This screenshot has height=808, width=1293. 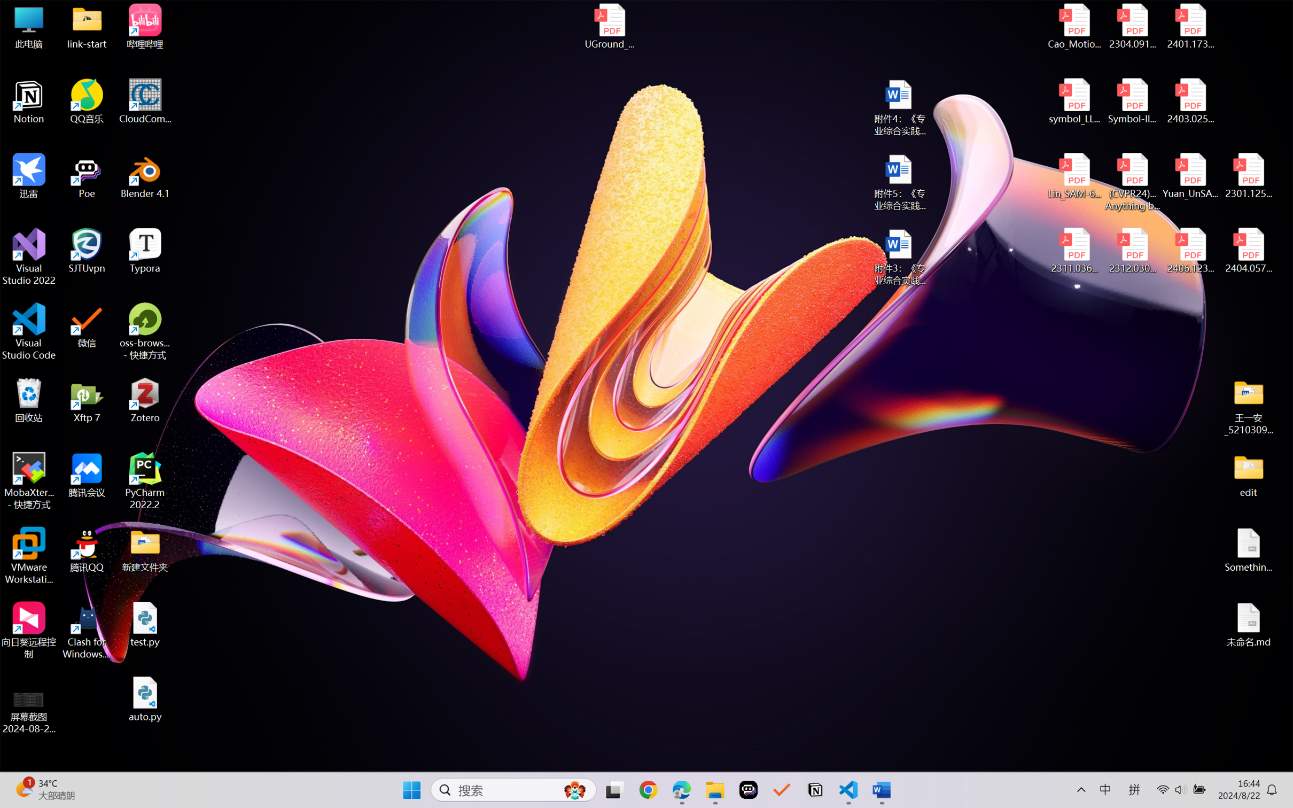 What do you see at coordinates (648, 790) in the screenshot?
I see `'Google Chrome'` at bounding box center [648, 790].